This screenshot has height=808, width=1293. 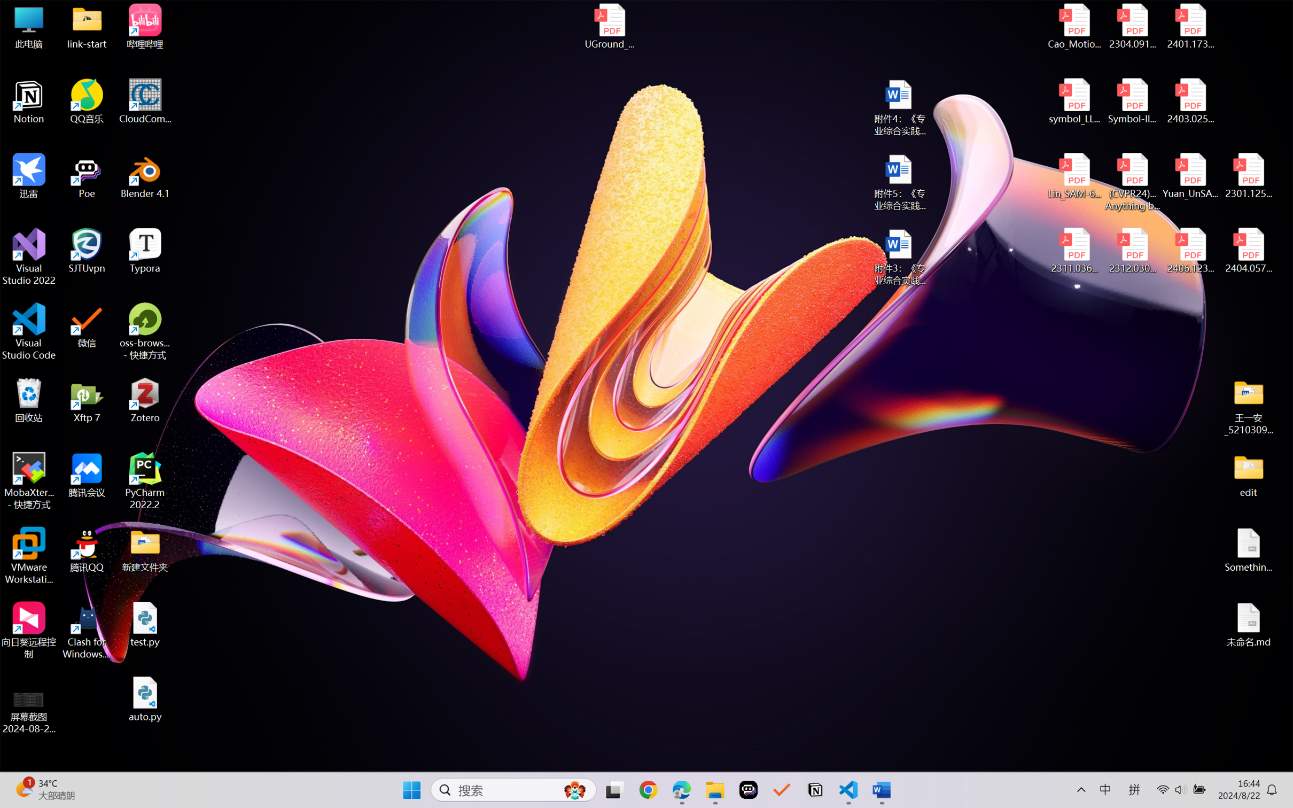 What do you see at coordinates (648, 790) in the screenshot?
I see `'Google Chrome'` at bounding box center [648, 790].